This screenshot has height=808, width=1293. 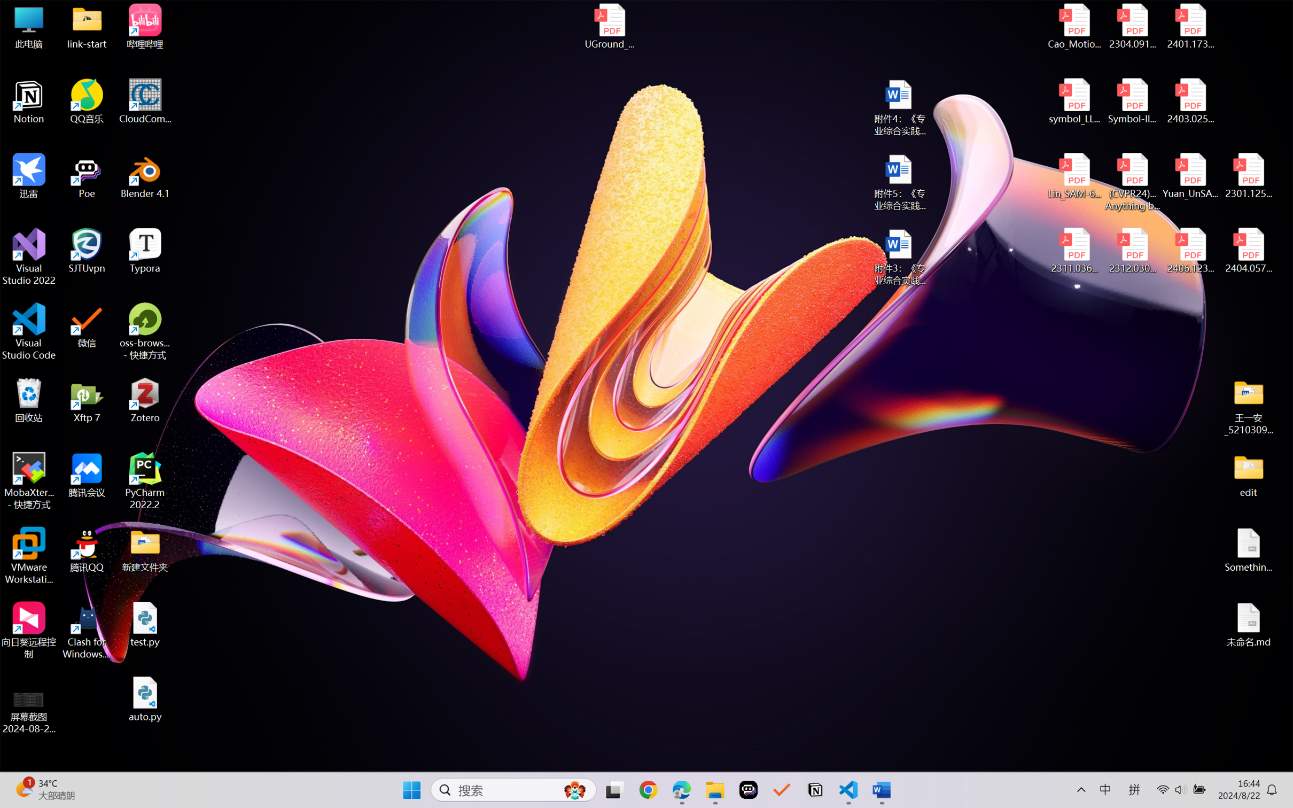 What do you see at coordinates (648, 790) in the screenshot?
I see `'Google Chrome'` at bounding box center [648, 790].